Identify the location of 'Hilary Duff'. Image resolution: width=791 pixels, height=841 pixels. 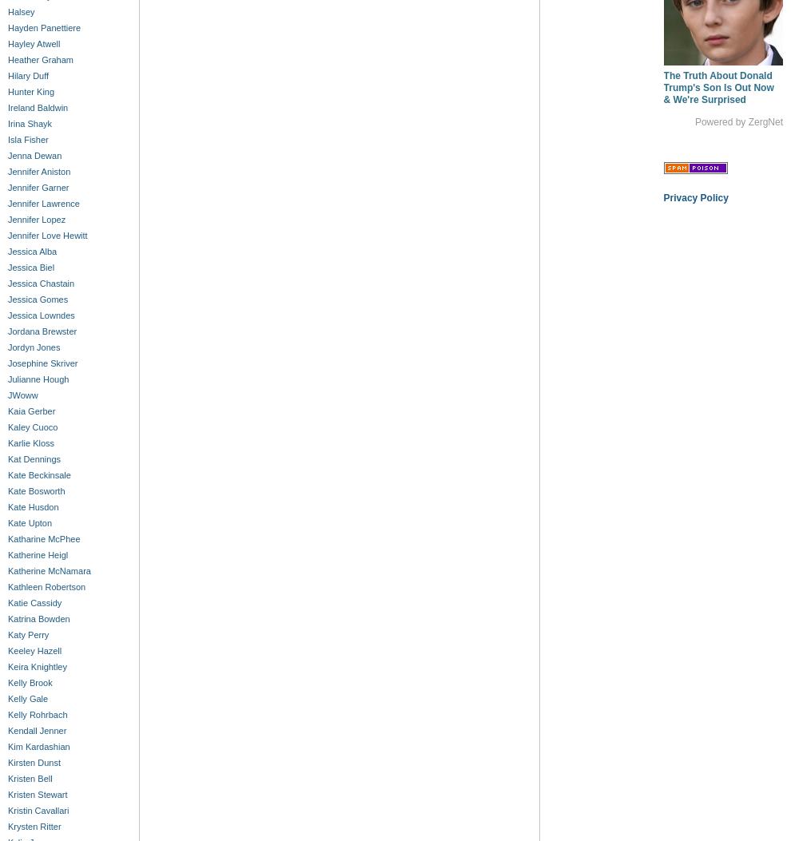
(27, 74).